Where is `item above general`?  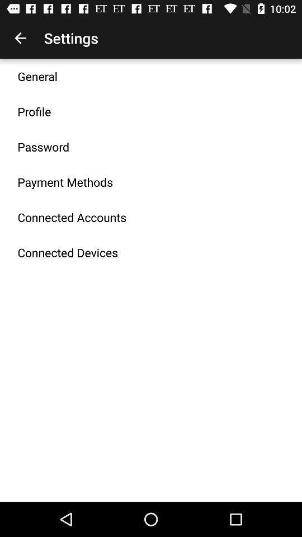 item above general is located at coordinates (20, 38).